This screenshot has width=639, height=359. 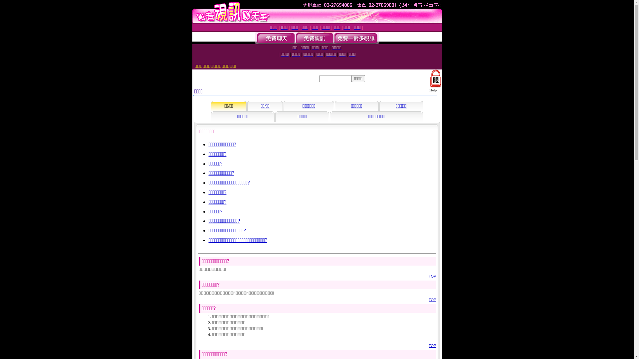 What do you see at coordinates (432, 276) in the screenshot?
I see `'TOP'` at bounding box center [432, 276].